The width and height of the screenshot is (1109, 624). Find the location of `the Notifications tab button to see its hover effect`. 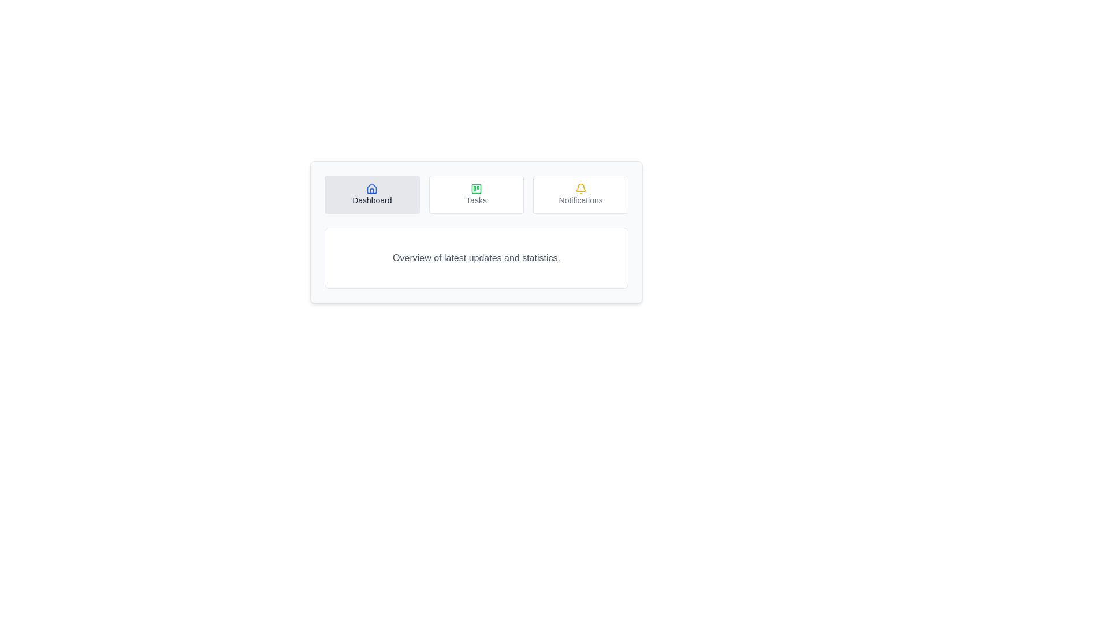

the Notifications tab button to see its hover effect is located at coordinates (581, 194).